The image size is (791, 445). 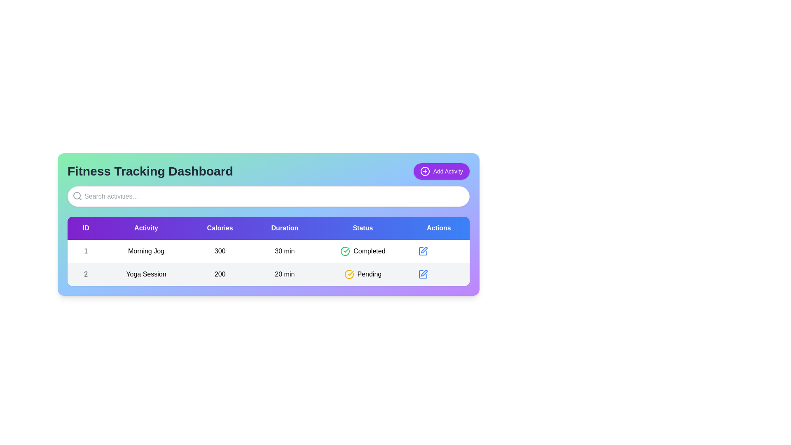 What do you see at coordinates (220, 228) in the screenshot?
I see `the 'Calories' column header text label in the table, which is the third label in a series of six, positioned between 'Activity' and 'Duration'` at bounding box center [220, 228].